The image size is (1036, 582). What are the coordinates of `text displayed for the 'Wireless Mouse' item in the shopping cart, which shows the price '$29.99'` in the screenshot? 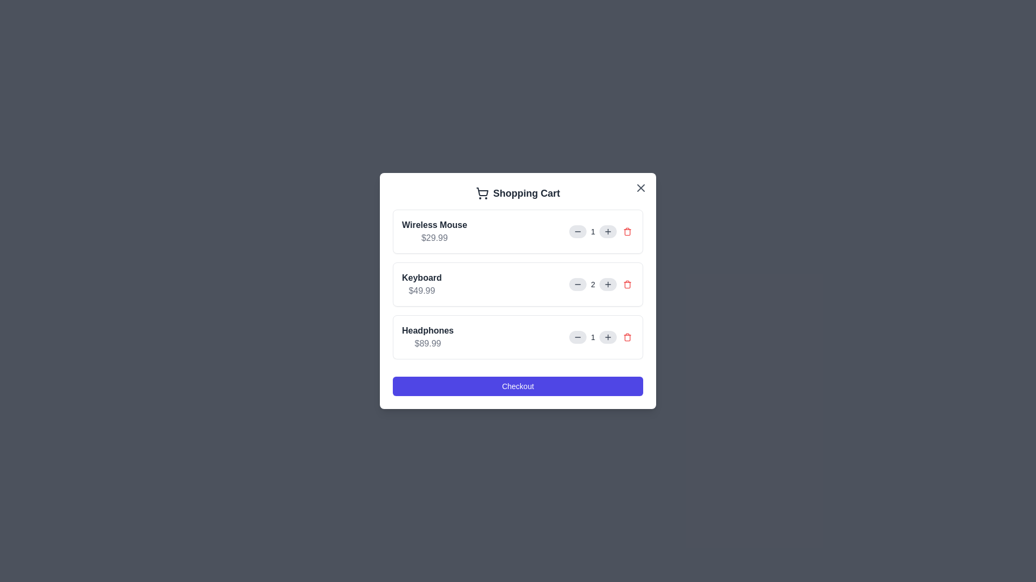 It's located at (434, 231).